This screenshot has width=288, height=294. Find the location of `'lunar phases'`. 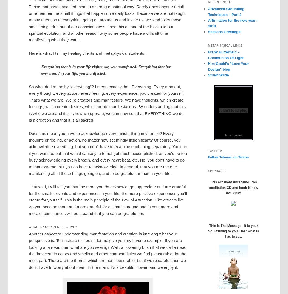

'lunar phases' is located at coordinates (233, 135).